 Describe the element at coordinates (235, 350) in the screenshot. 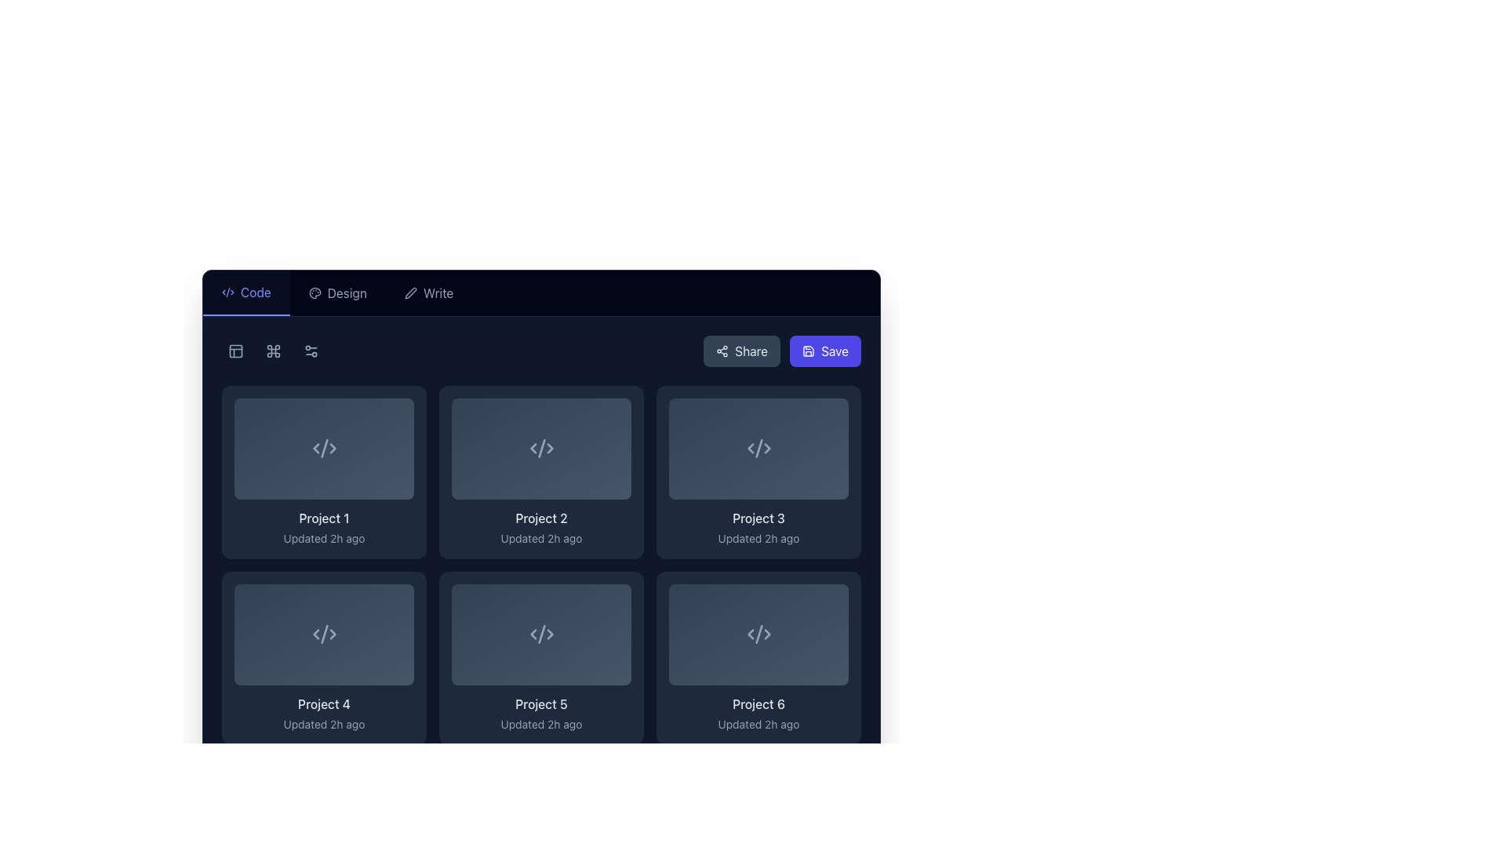

I see `the small, square button with rounded edges featuring a grid icon located at the top-left corner of the interface` at that location.